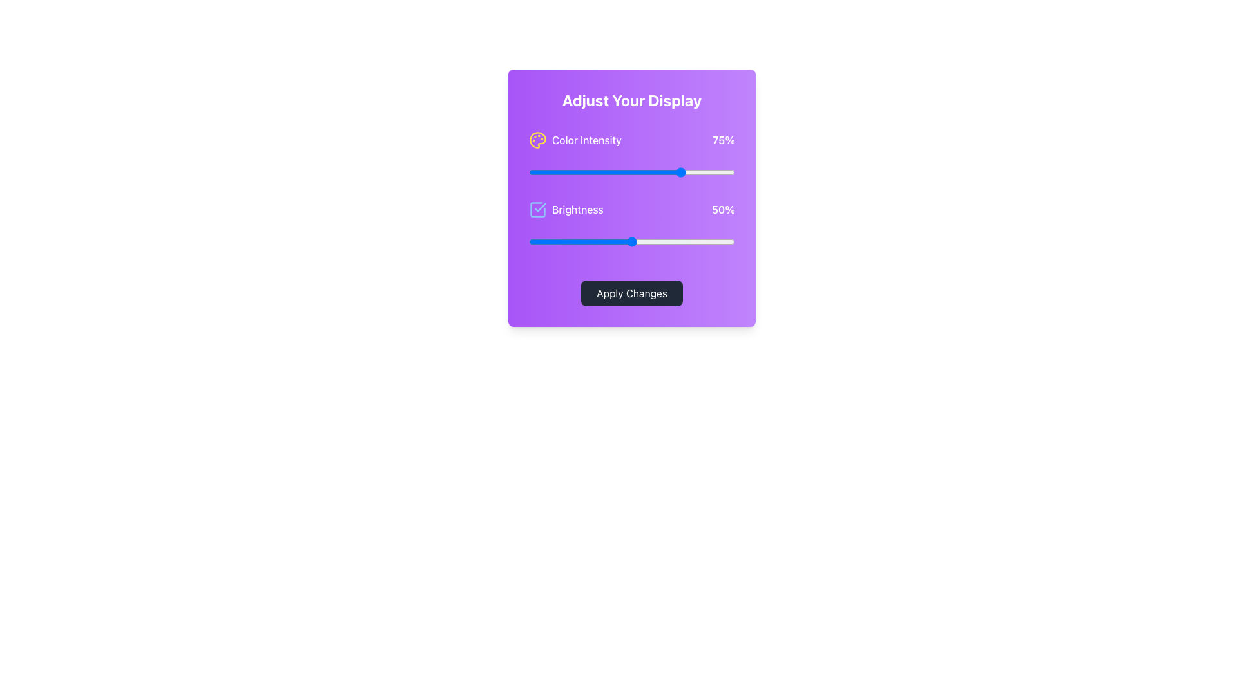 This screenshot has width=1237, height=695. Describe the element at coordinates (541, 207) in the screenshot. I see `the checked icon indicating the confirmed state for the 'Brightness' option located in the second row of the interface` at that location.